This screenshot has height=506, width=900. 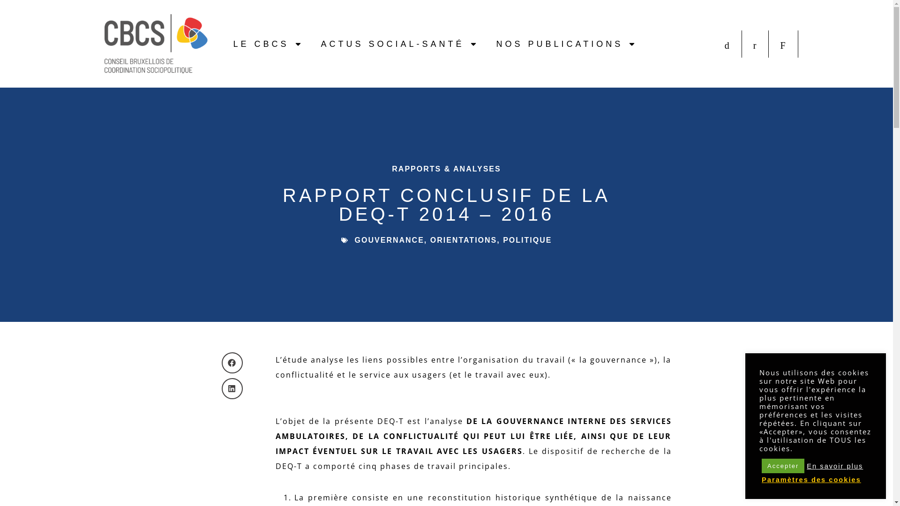 What do you see at coordinates (267, 44) in the screenshot?
I see `'LE CBCS'` at bounding box center [267, 44].